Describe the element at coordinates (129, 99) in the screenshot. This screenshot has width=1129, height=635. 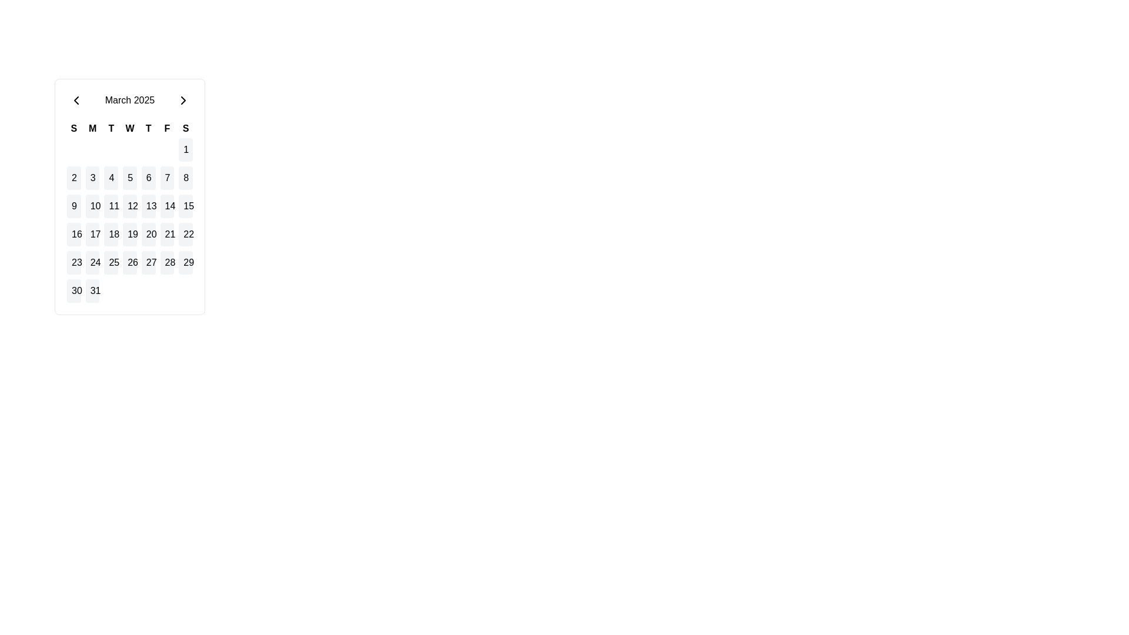
I see `displayed text from the currently selected month and year in the date-picker interface, which is positioned at the top center of the widget area` at that location.